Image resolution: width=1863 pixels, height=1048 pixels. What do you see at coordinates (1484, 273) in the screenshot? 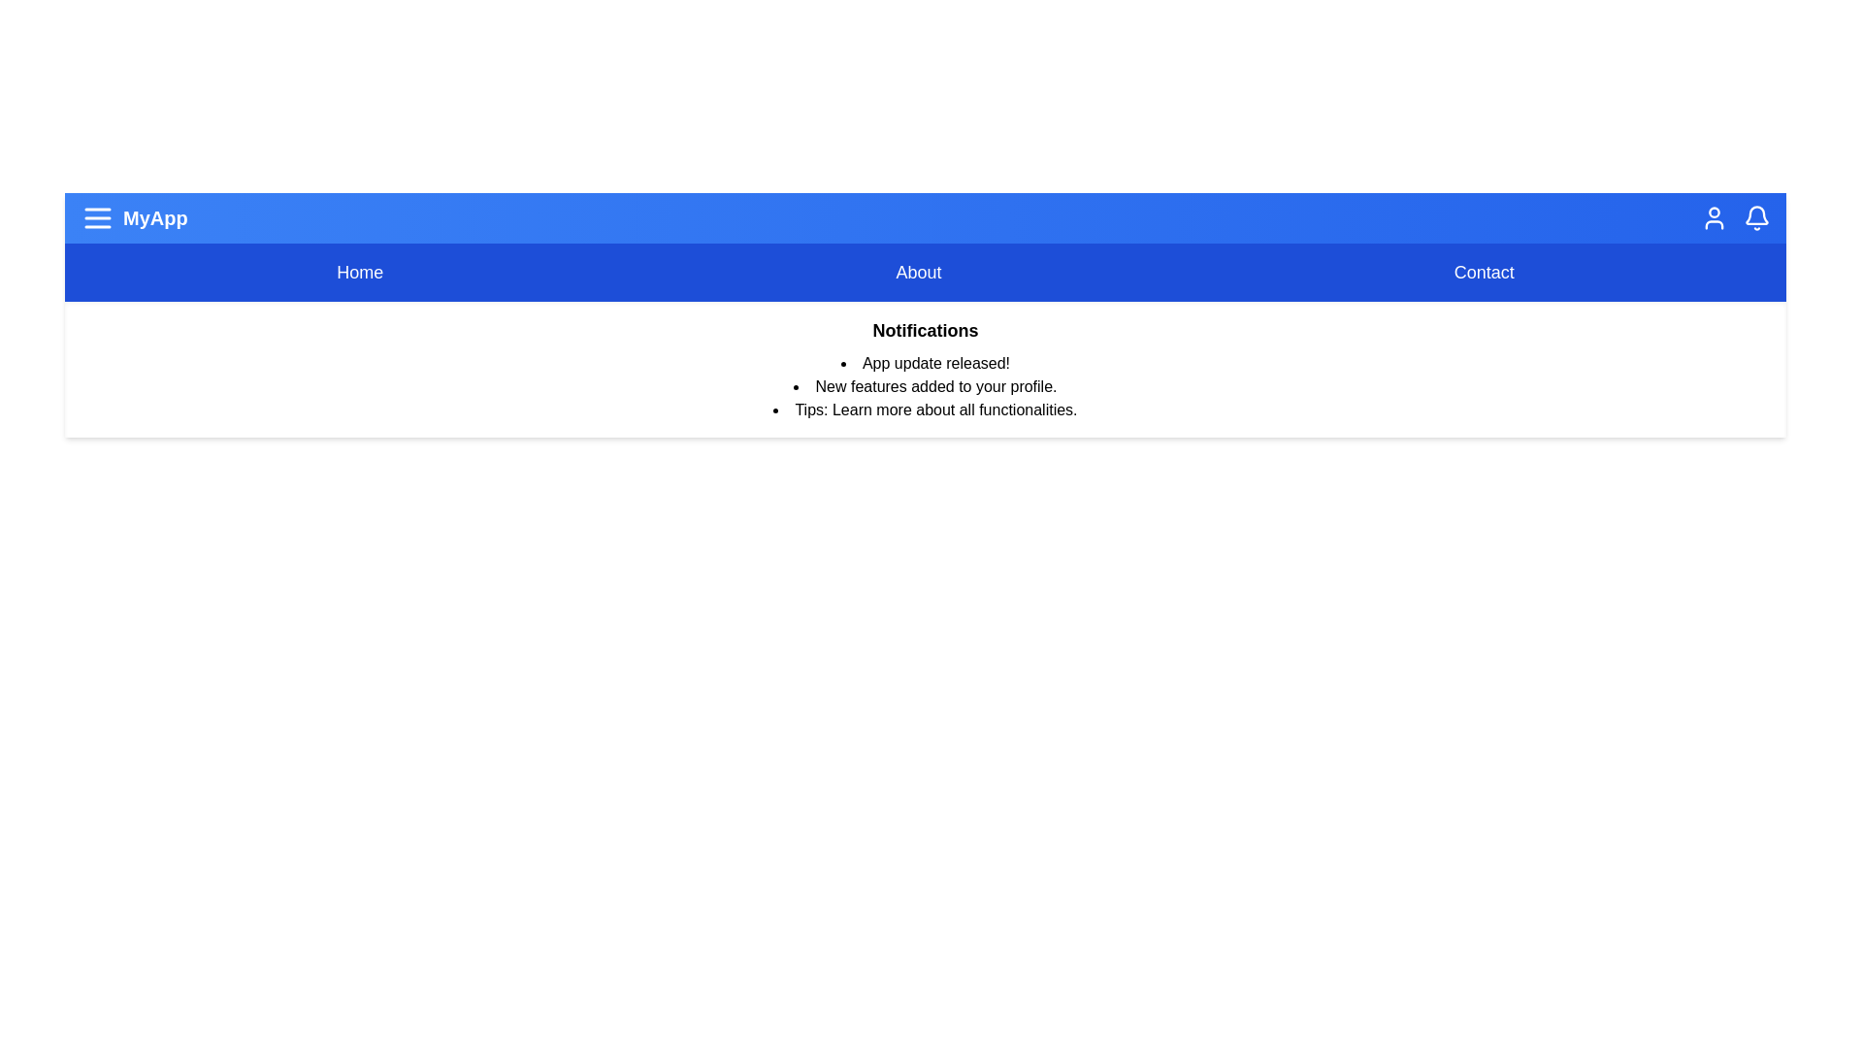
I see `the menu item to navigate to Contact` at bounding box center [1484, 273].